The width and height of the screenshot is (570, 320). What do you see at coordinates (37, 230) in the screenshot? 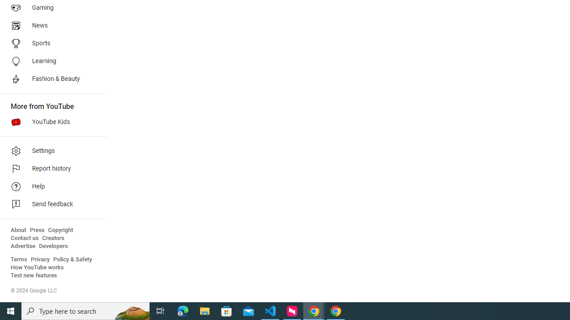
I see `'Press'` at bounding box center [37, 230].